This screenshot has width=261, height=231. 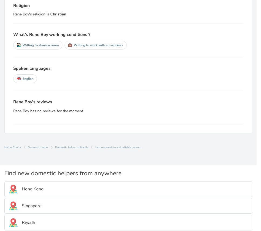 I want to click on 'HelperChoice', so click(x=13, y=147).